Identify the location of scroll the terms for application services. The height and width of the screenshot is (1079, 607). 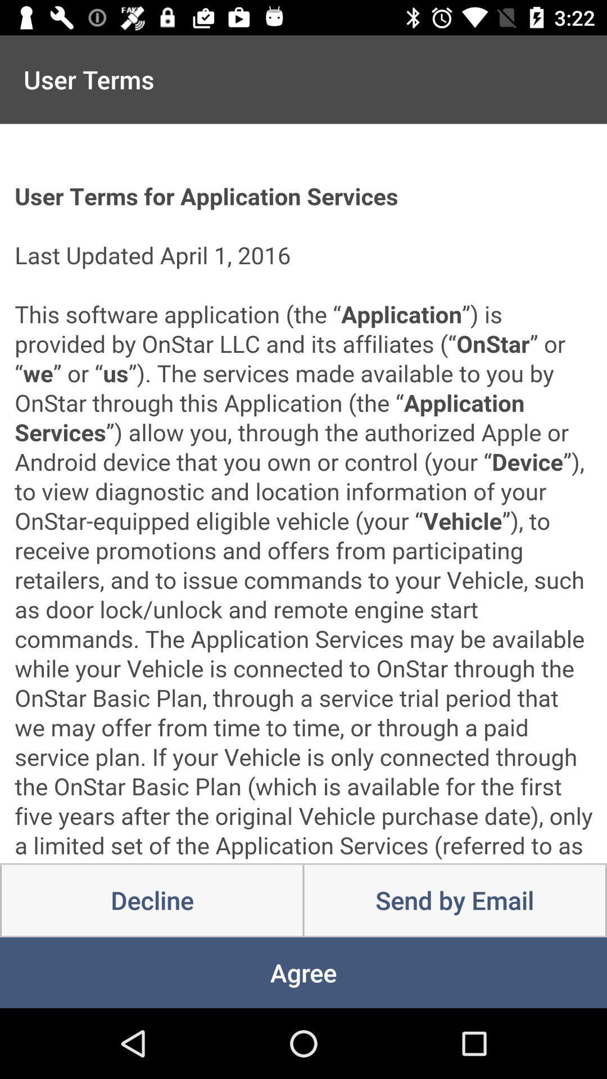
(303, 493).